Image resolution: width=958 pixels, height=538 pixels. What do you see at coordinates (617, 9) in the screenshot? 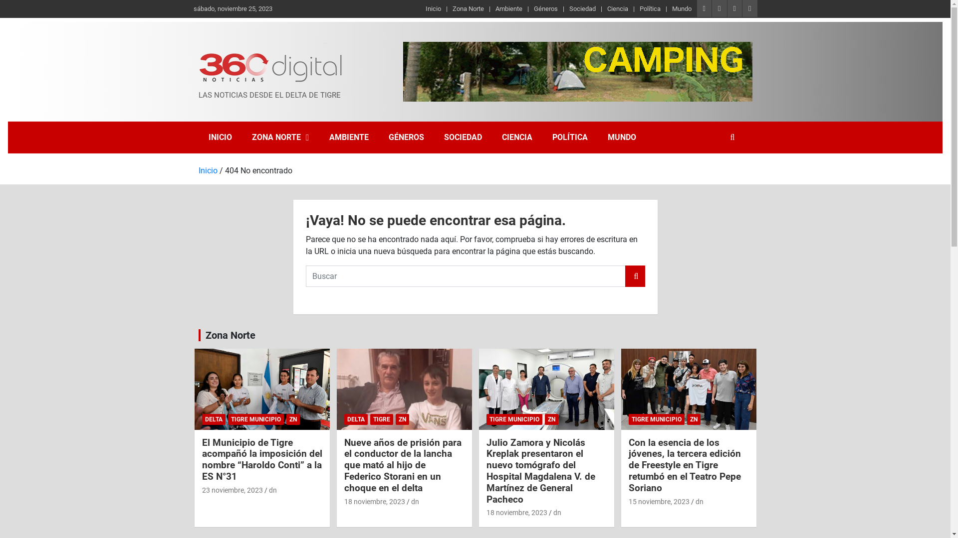
I see `'Ciencia'` at bounding box center [617, 9].